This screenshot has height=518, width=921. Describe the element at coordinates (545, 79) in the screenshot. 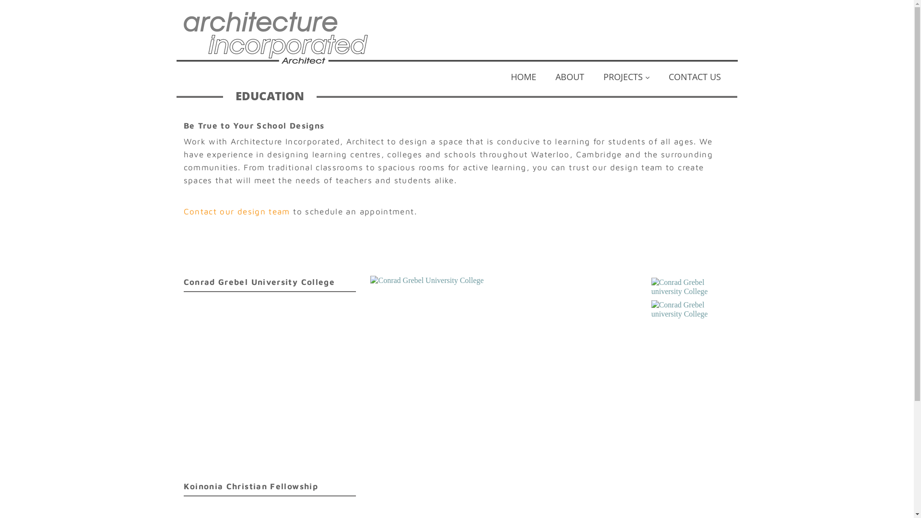

I see `'ABOUT'` at that location.